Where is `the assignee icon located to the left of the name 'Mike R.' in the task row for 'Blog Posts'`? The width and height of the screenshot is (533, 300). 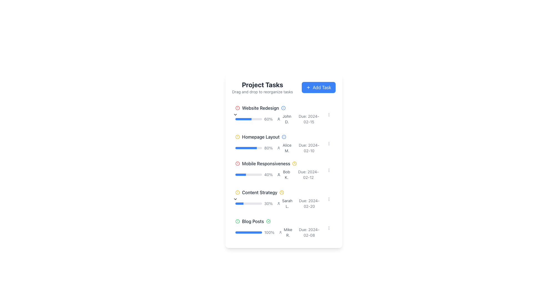
the assignee icon located to the left of the name 'Mike R.' in the task row for 'Blog Posts' is located at coordinates (280, 232).